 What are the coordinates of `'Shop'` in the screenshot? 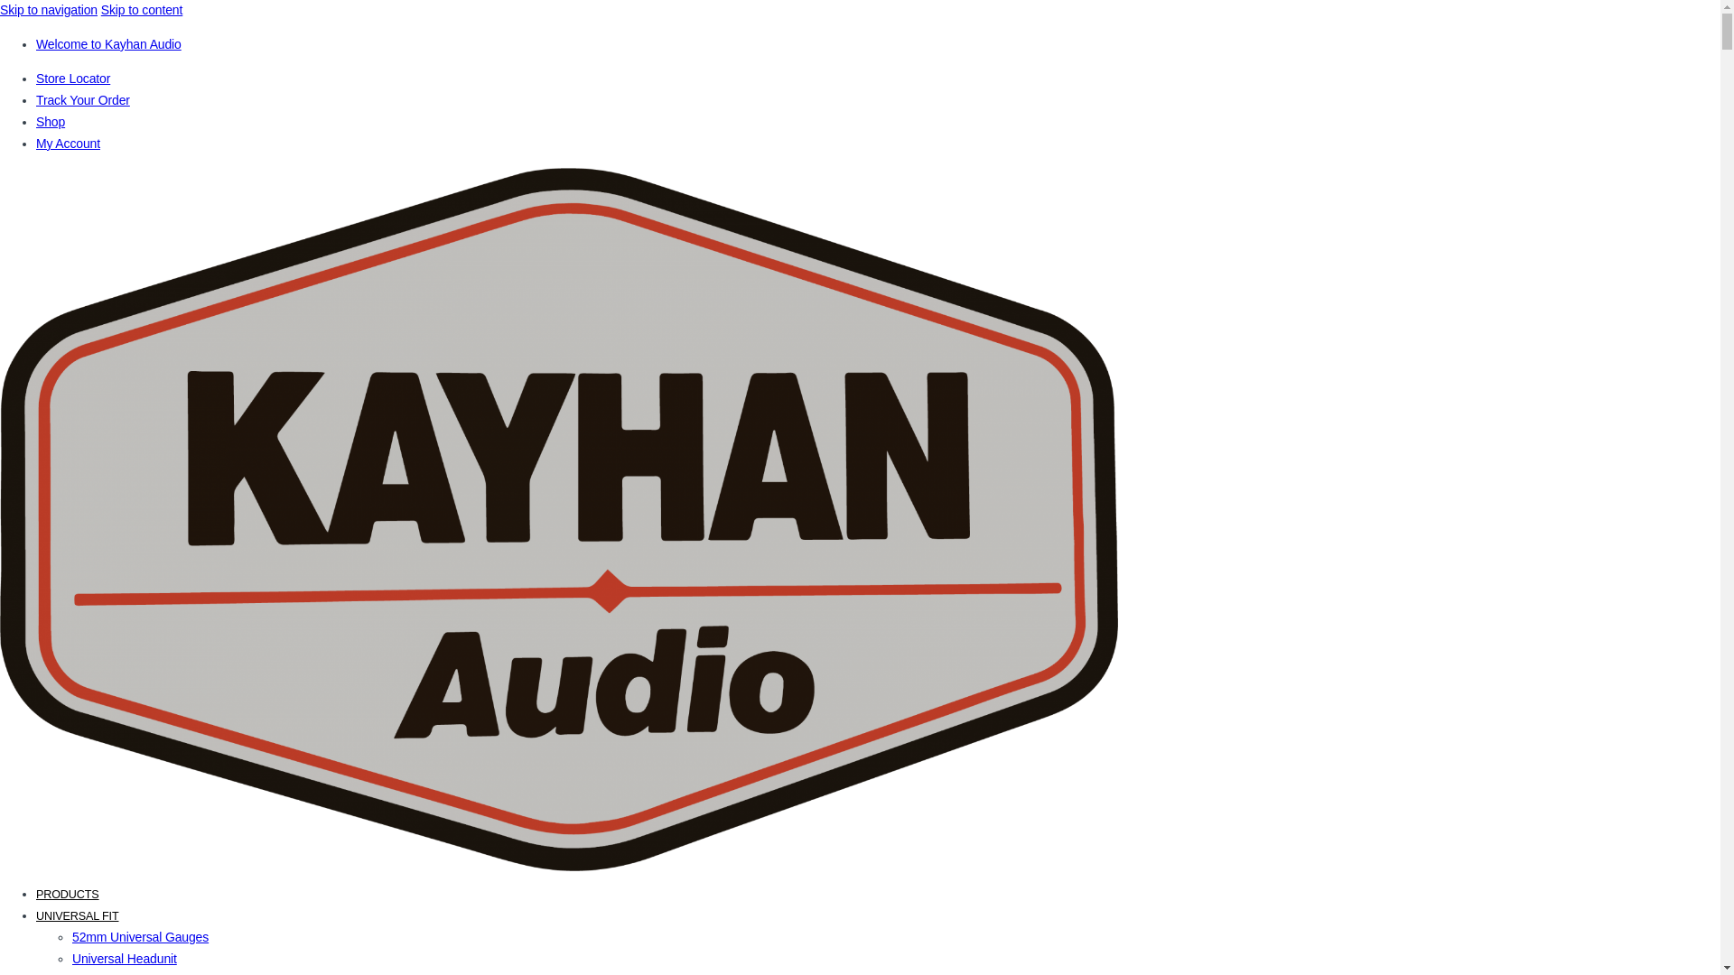 It's located at (35, 122).